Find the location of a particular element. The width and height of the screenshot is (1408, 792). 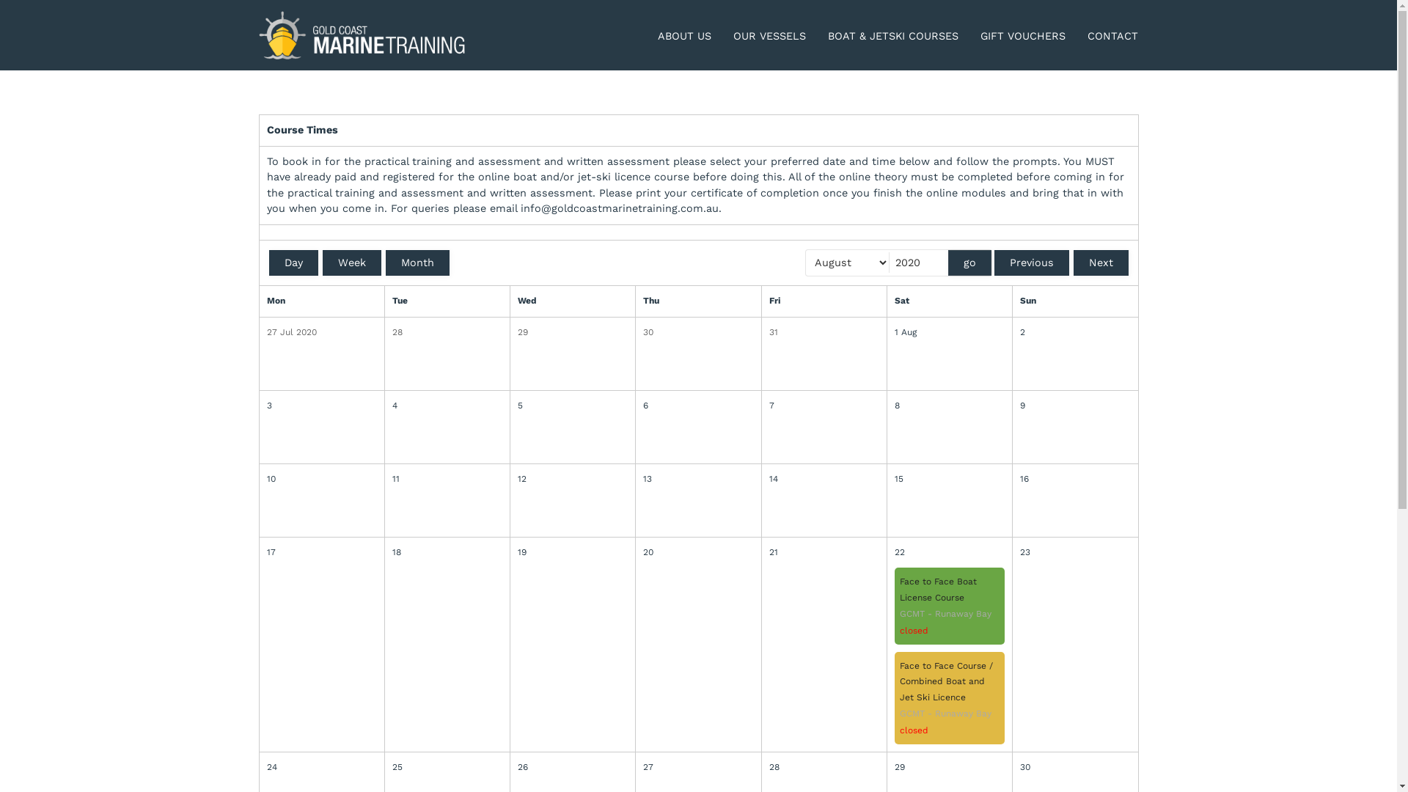

'4' is located at coordinates (392, 406).